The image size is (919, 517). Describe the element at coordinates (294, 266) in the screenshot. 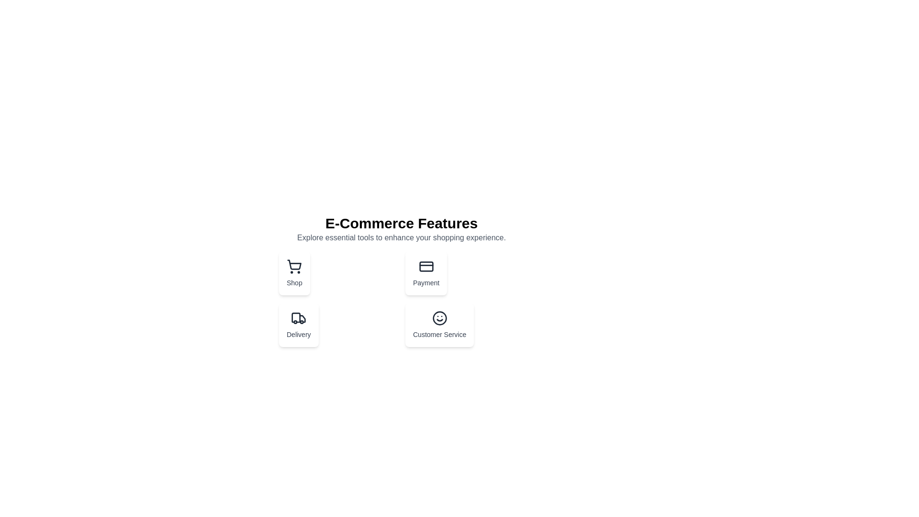

I see `the shopping icon located at the upper-center of the 'Shop' card, which visually represents a shopping feature` at that location.